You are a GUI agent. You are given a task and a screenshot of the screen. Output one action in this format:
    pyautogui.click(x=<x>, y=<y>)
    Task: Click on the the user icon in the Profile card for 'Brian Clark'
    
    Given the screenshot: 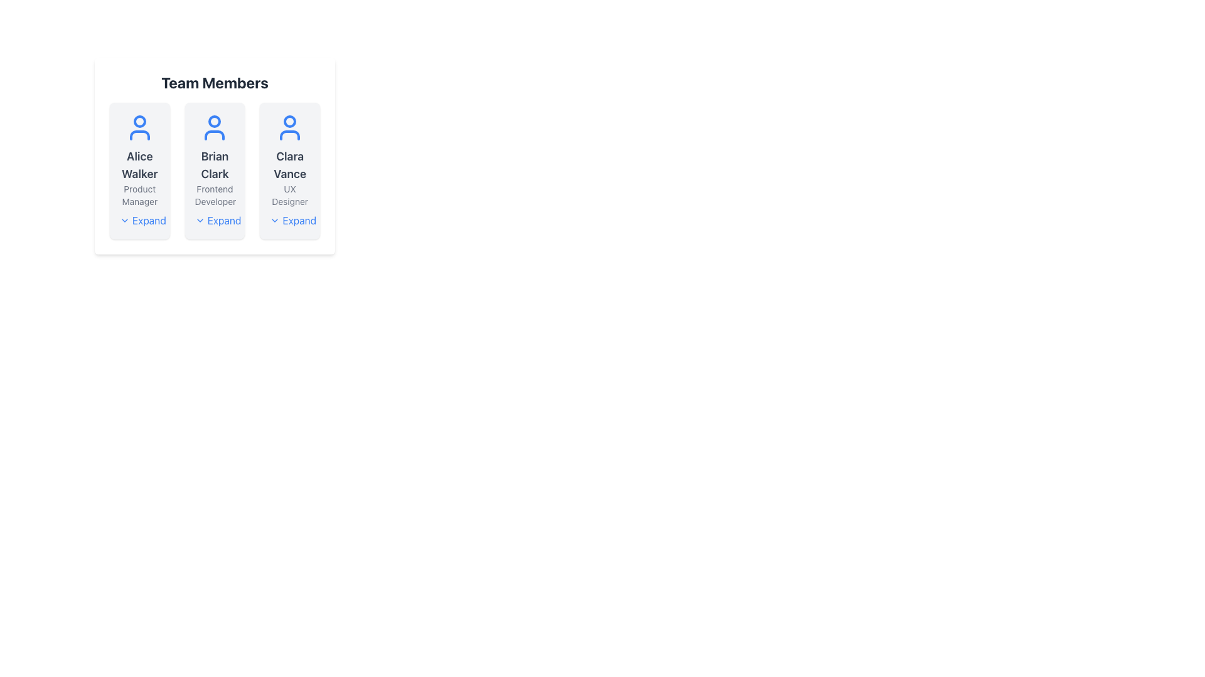 What is the action you would take?
    pyautogui.click(x=215, y=171)
    